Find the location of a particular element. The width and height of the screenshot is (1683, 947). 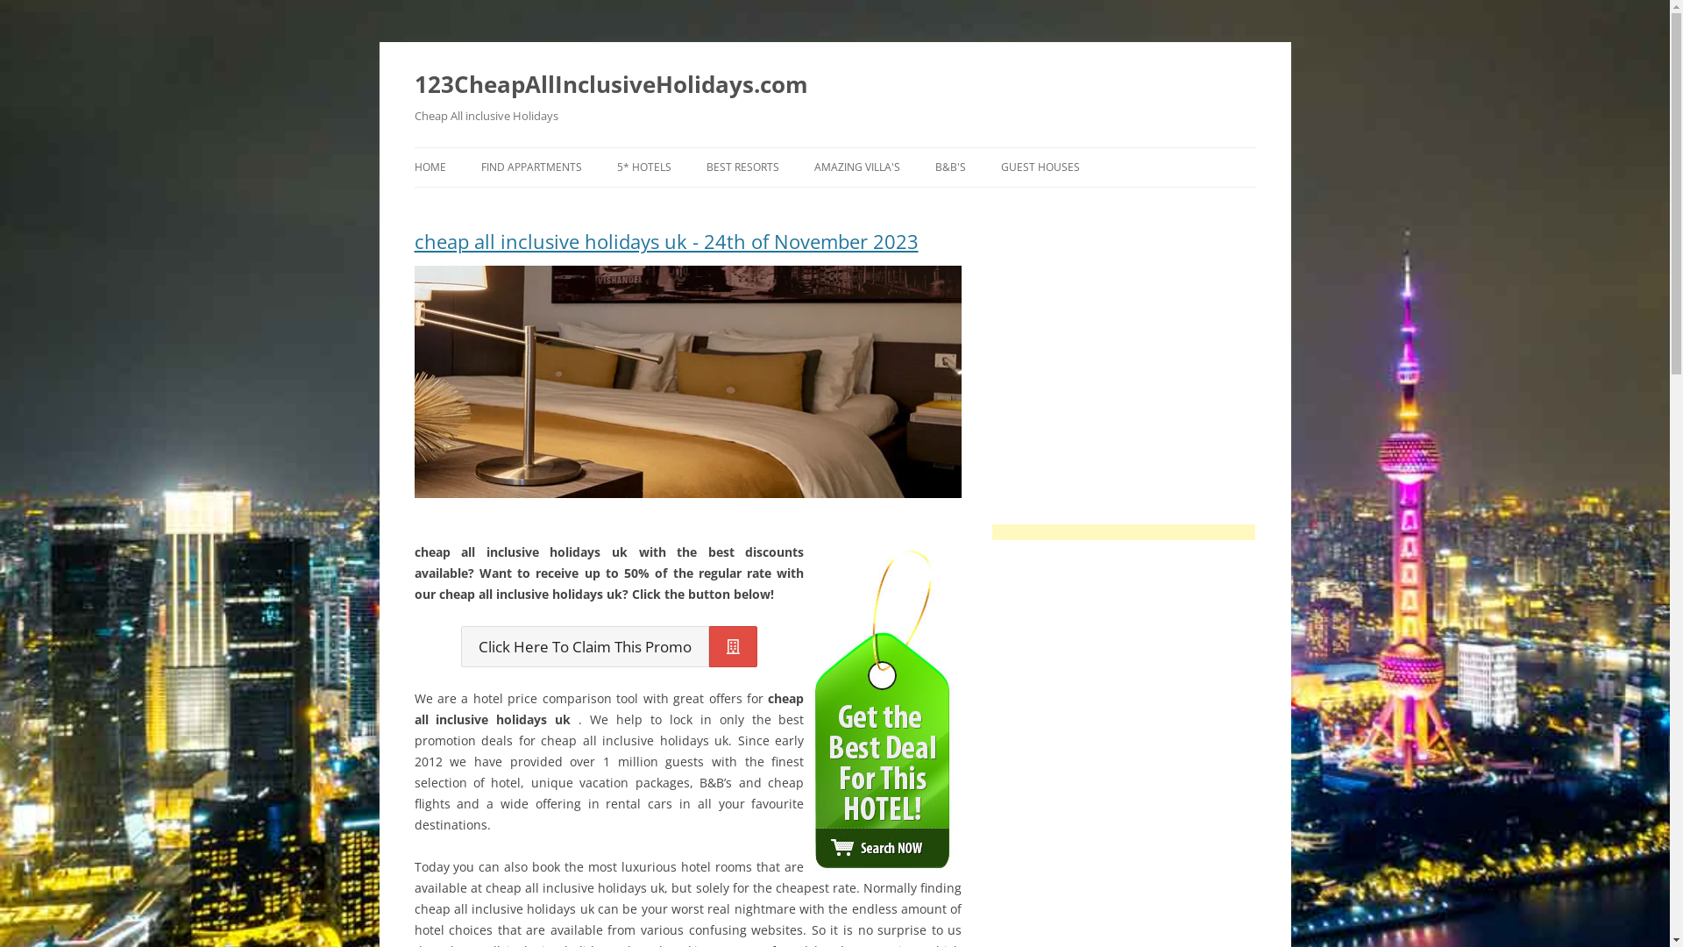

'5* HOTELS' is located at coordinates (643, 167).